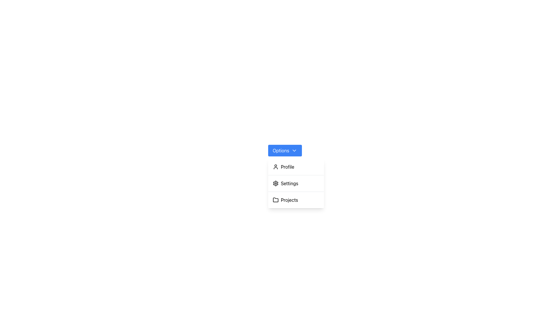 Image resolution: width=559 pixels, height=314 pixels. Describe the element at coordinates (275, 183) in the screenshot. I see `the cogwheel icon representing the 'Settings' menu item in the dropdown menu under the 'Options' button` at that location.